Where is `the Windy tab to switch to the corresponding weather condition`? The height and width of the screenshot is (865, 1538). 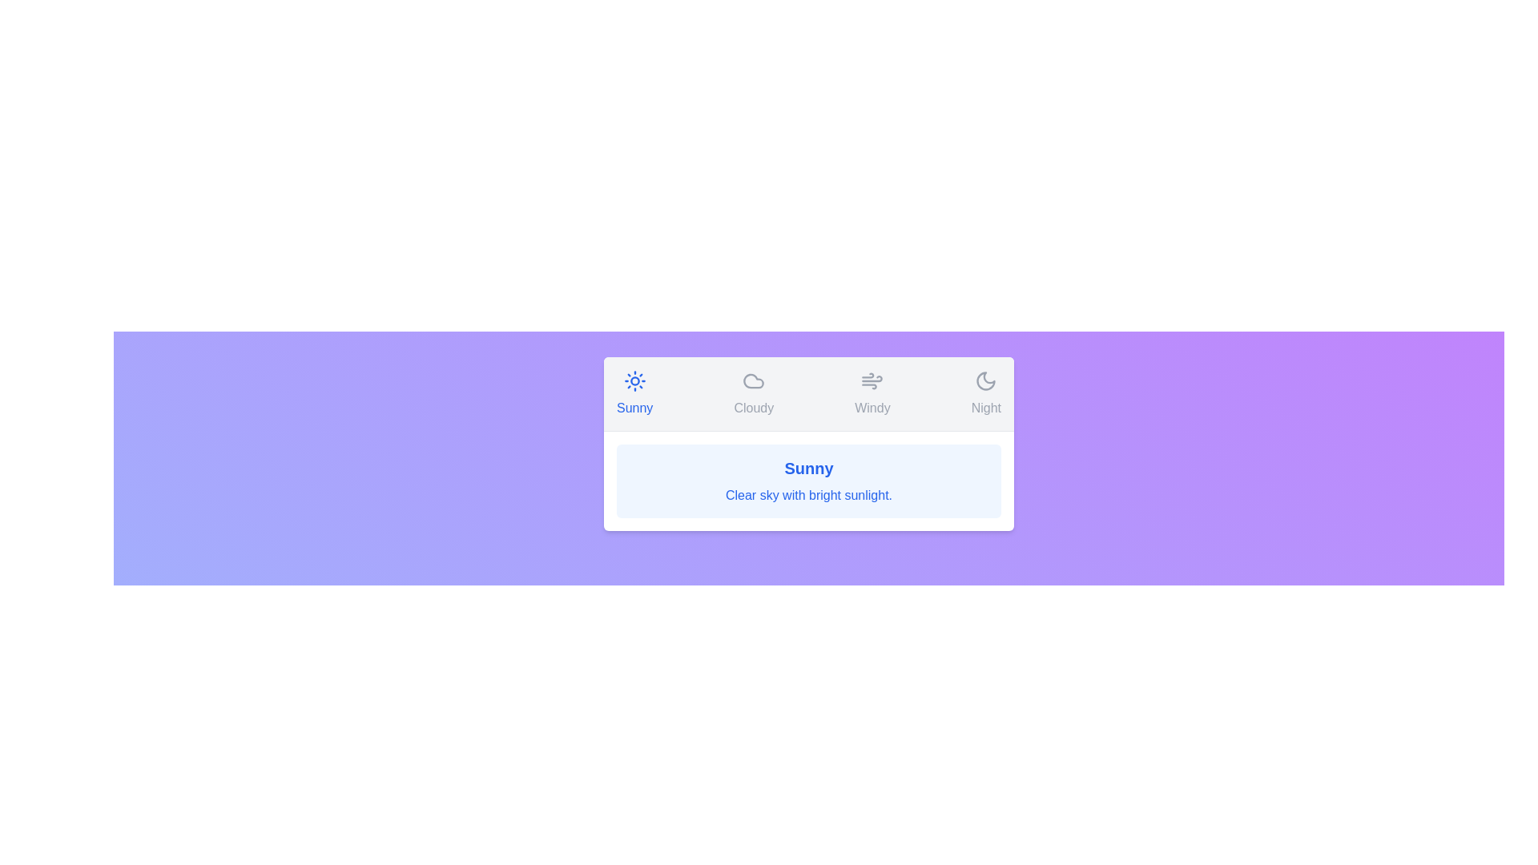 the Windy tab to switch to the corresponding weather condition is located at coordinates (872, 394).